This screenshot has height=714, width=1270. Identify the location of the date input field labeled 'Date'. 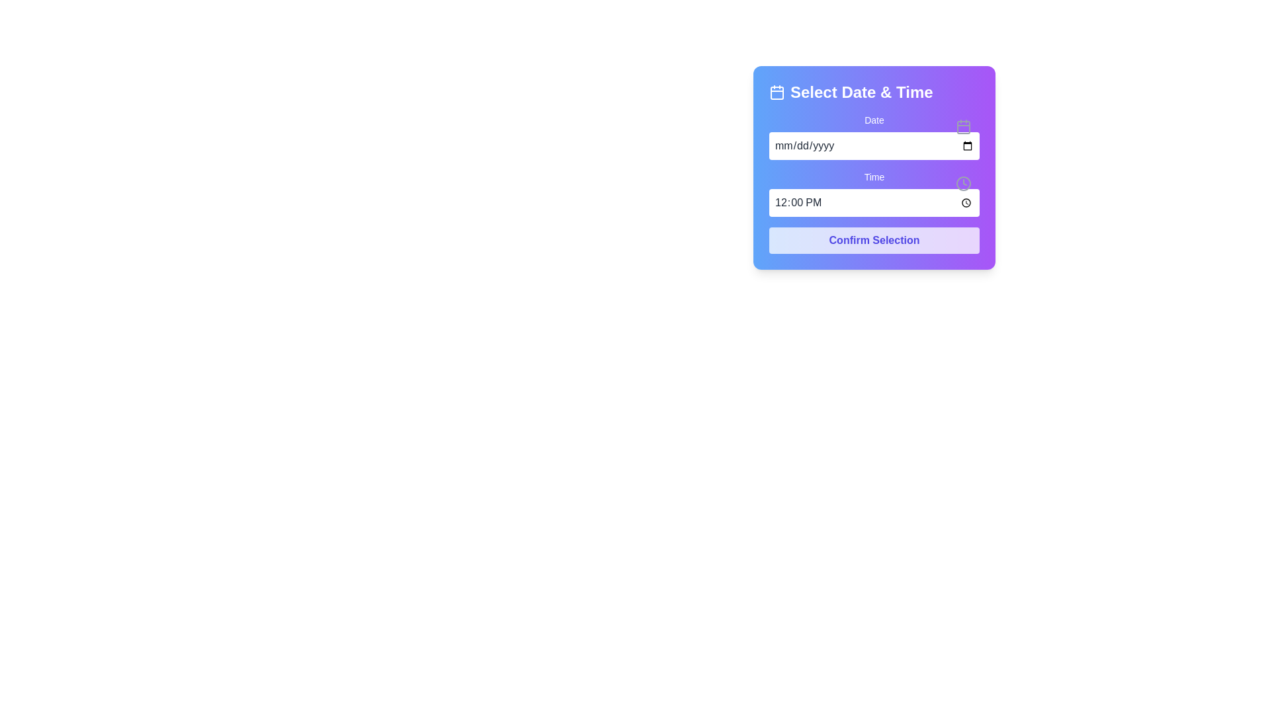
(874, 137).